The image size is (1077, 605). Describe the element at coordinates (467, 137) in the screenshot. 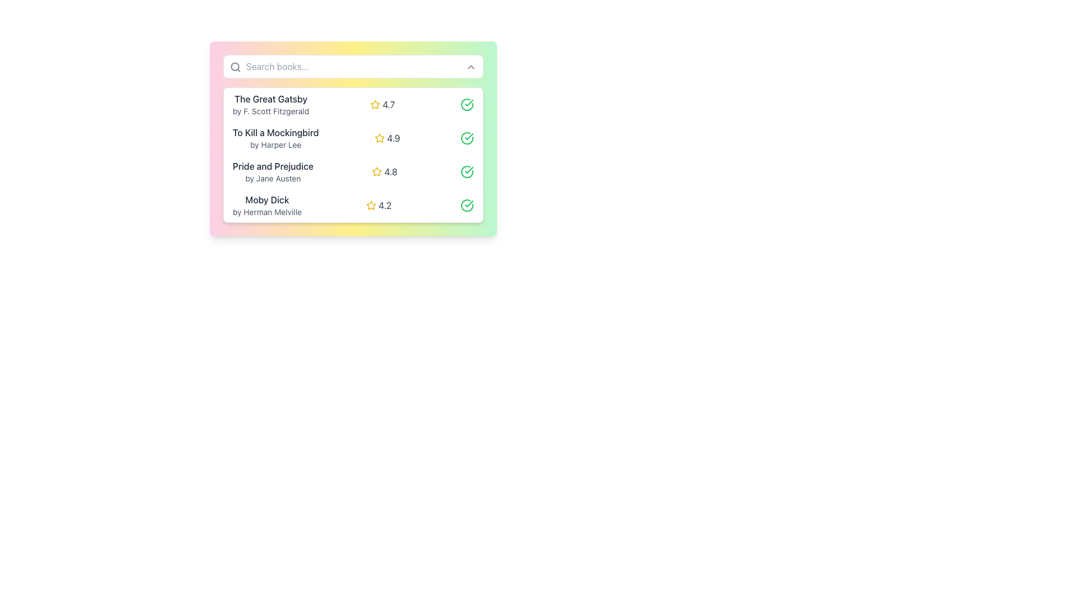

I see `the outer circular outline of the green confirmation icon next to the 'To Kill a Mockingbird' book listing` at that location.